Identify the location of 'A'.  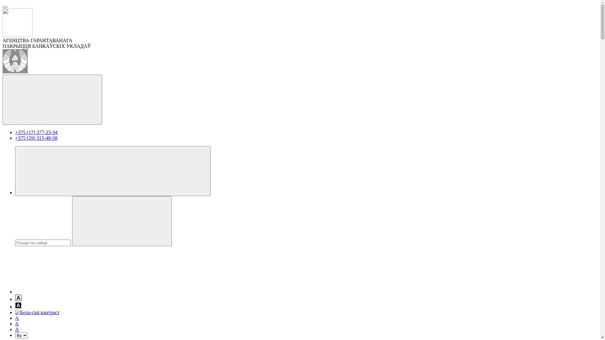
(15, 329).